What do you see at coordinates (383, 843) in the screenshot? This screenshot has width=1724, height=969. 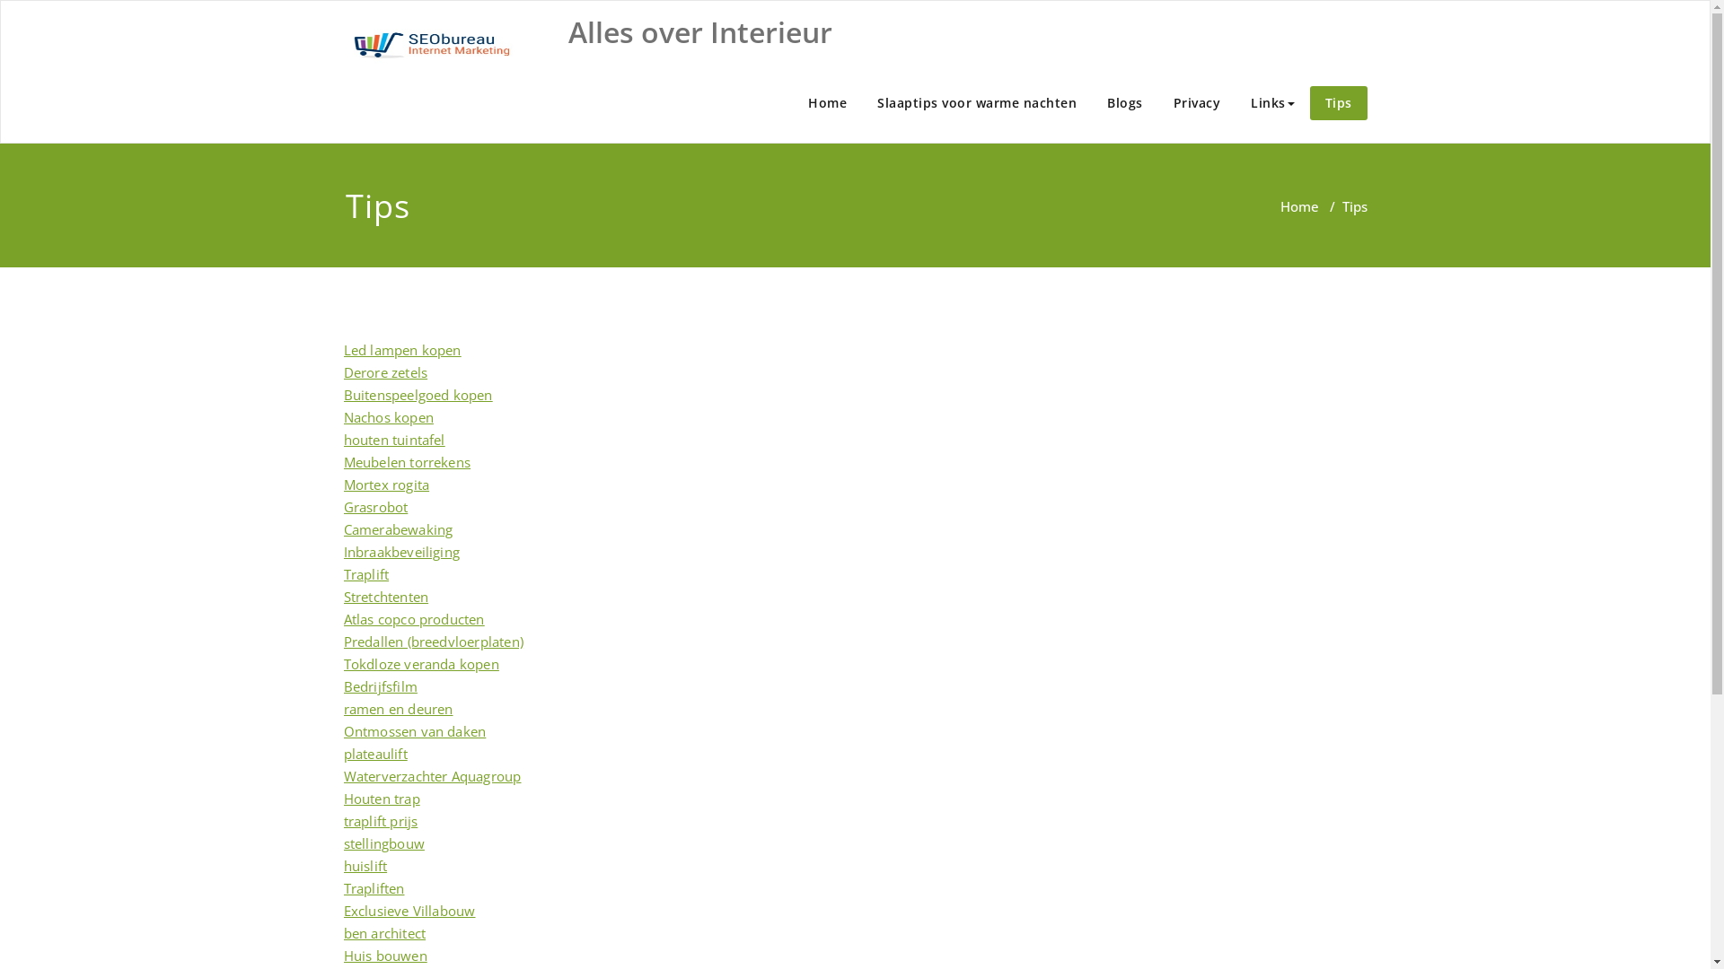 I see `'stellingbouw'` at bounding box center [383, 843].